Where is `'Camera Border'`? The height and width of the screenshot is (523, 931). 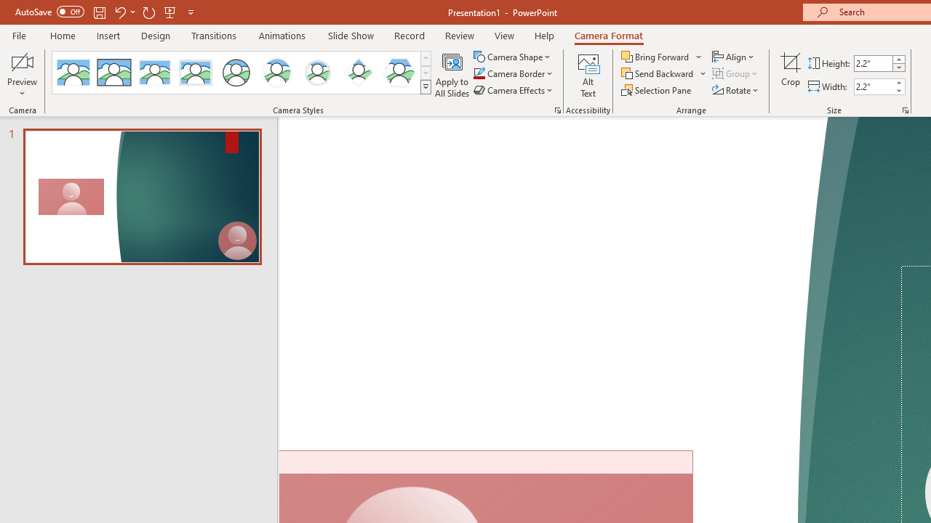
'Camera Border' is located at coordinates (514, 73).